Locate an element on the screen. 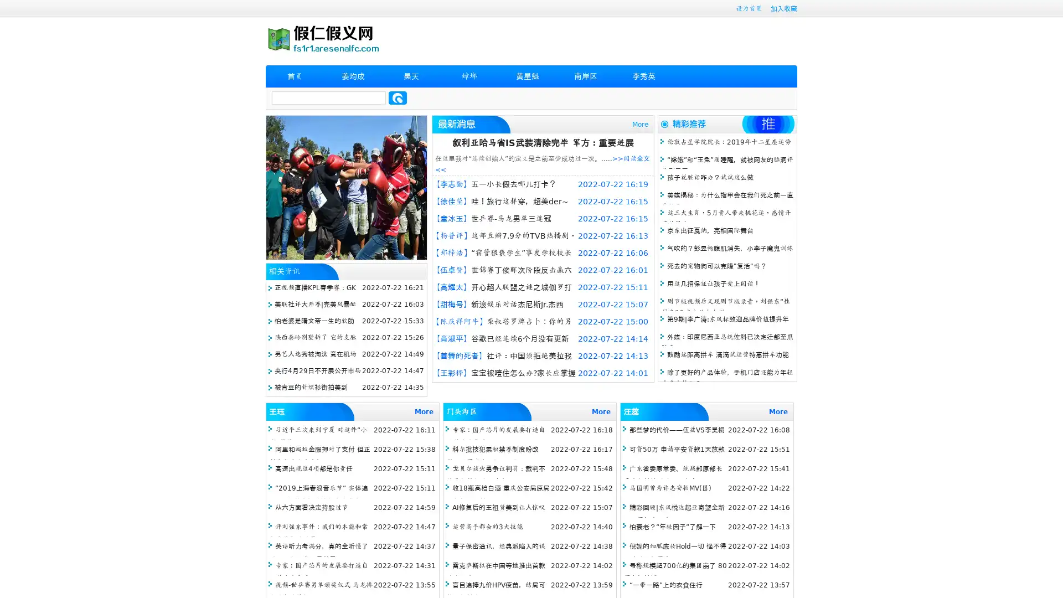 Image resolution: width=1063 pixels, height=598 pixels. Search is located at coordinates (398, 97).